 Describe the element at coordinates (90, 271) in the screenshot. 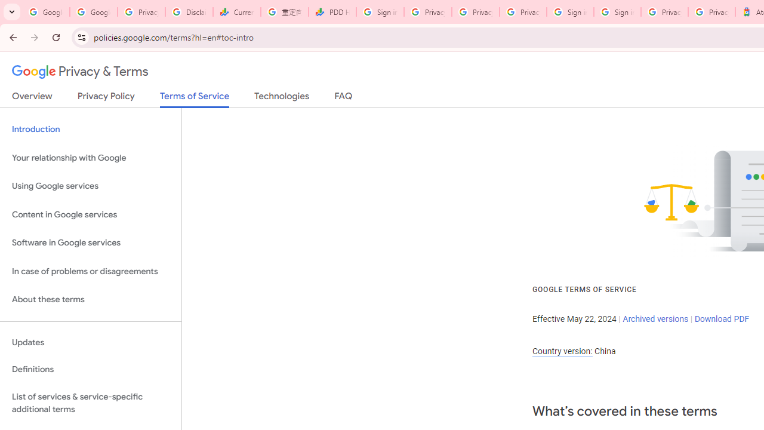

I see `'In case of problems or disagreements'` at that location.